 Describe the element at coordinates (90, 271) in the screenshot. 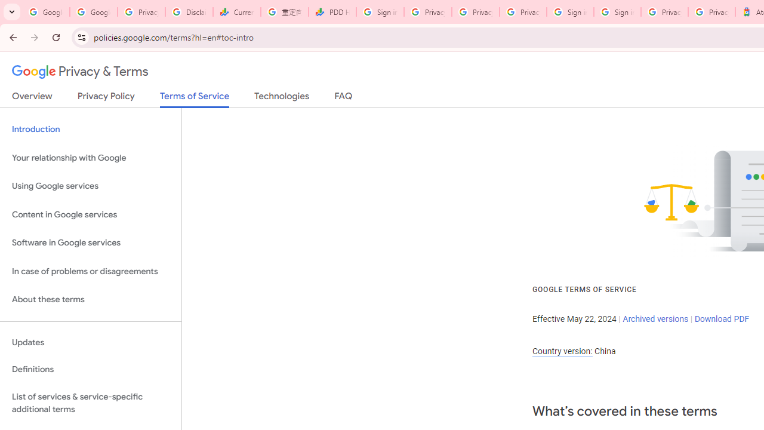

I see `'In case of problems or disagreements'` at that location.